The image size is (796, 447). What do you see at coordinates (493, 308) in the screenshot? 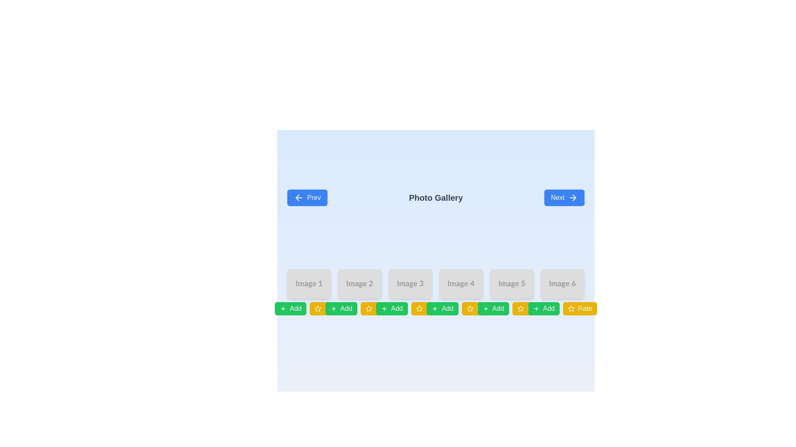
I see `the interactive 'Add' button located below 'Image 5' to possibly change its appearance` at bounding box center [493, 308].